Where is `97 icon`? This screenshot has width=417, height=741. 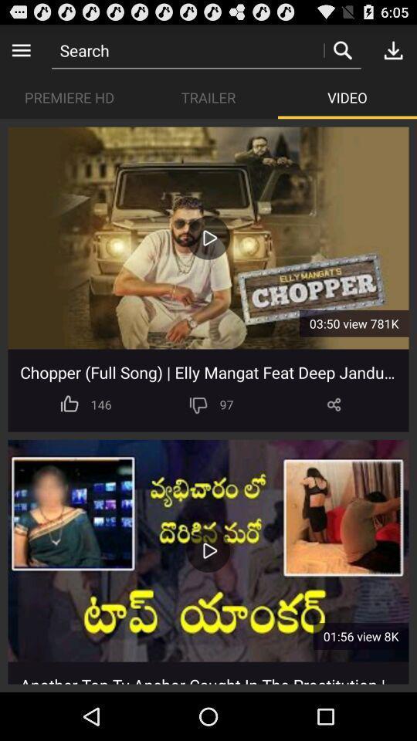 97 icon is located at coordinates (225, 404).